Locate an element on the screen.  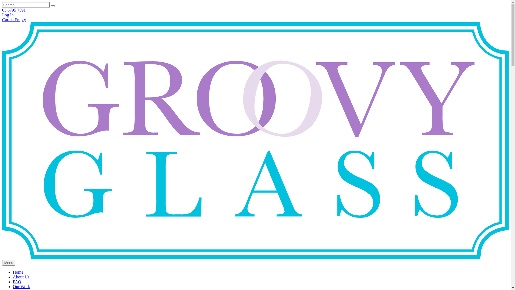
'03 8795 7591' is located at coordinates (2, 10).